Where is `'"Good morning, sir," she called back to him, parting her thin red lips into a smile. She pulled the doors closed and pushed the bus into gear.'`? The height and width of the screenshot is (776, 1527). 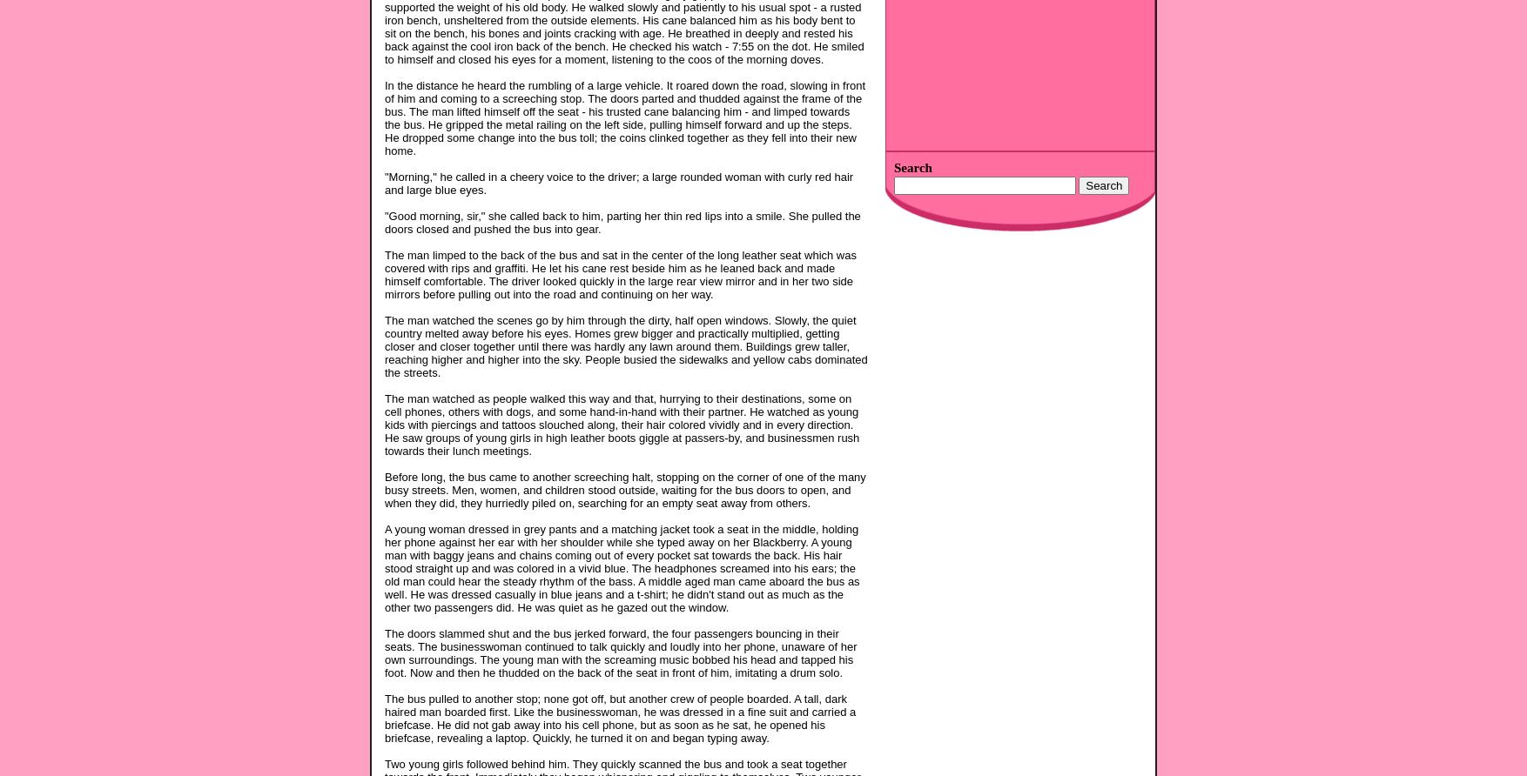
'"Good morning, sir," she called back to him, parting her thin red lips into a smile. She pulled the doors closed and pushed the bus into gear.' is located at coordinates (622, 222).